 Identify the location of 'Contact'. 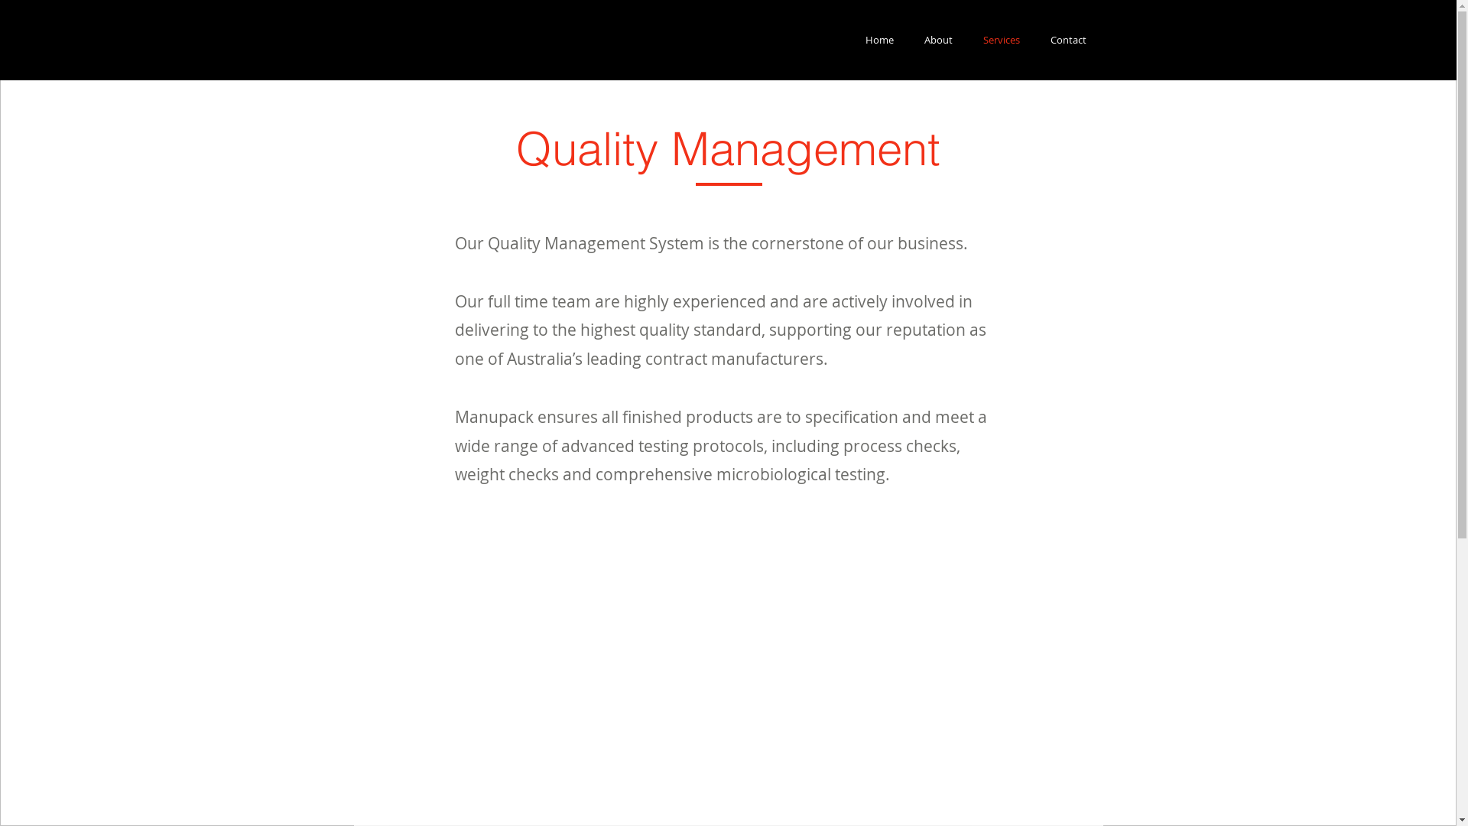
(1034, 39).